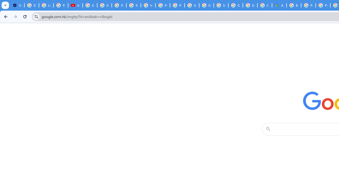 The image size is (339, 191). I want to click on 'https://scholar.google.com/', so click(148, 5).